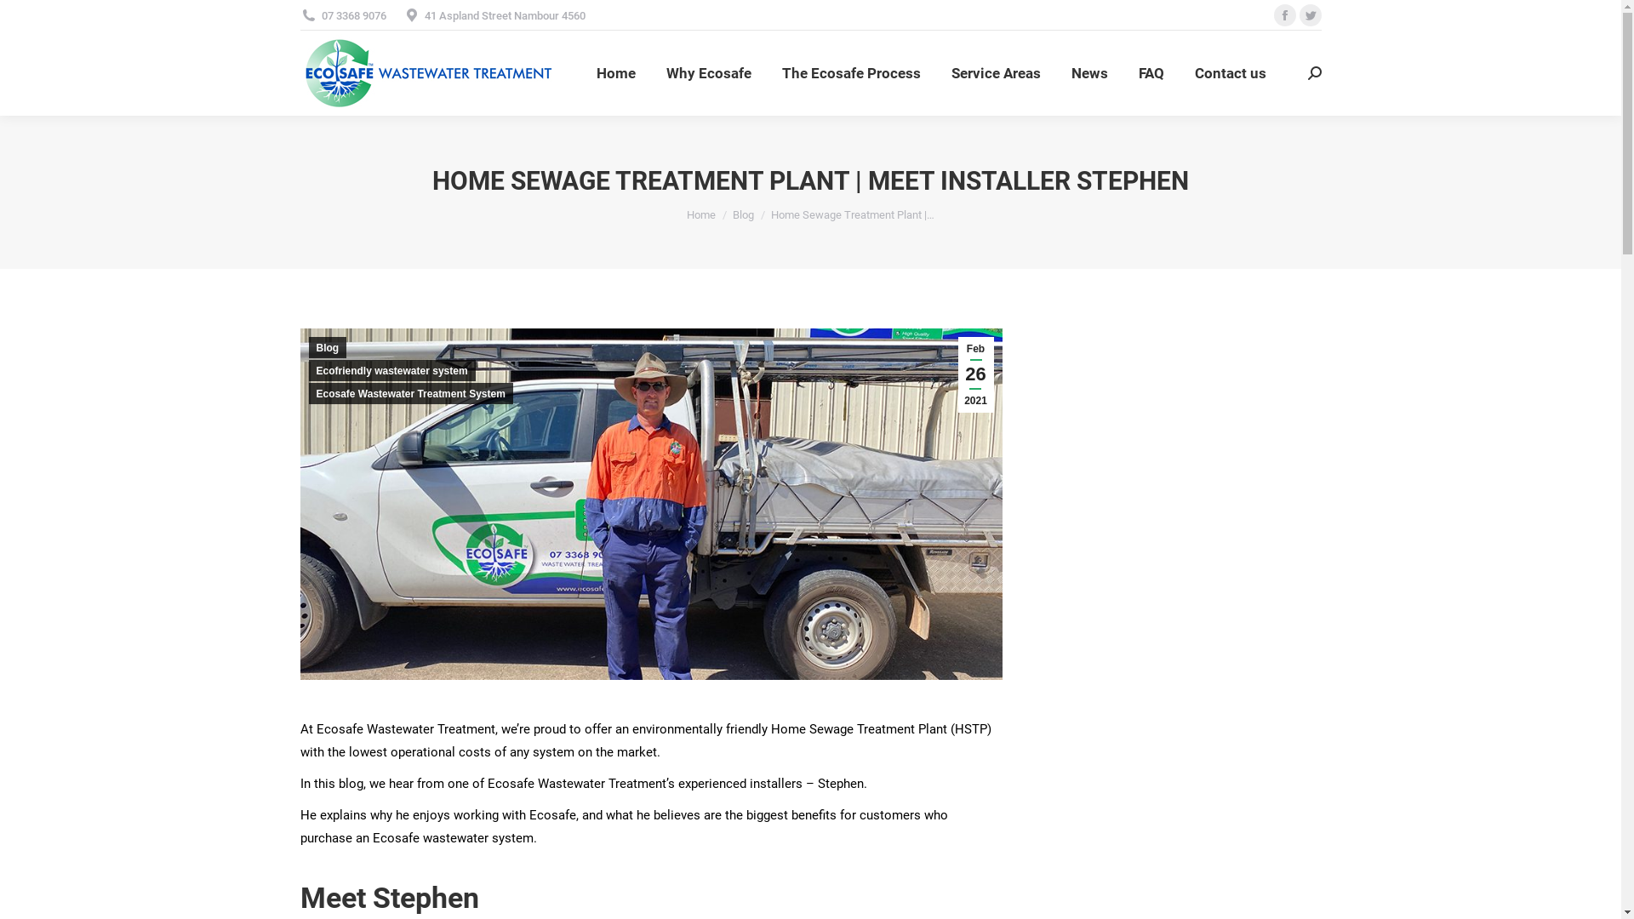  Describe the element at coordinates (341, 14) in the screenshot. I see `'07 3368 9076'` at that location.